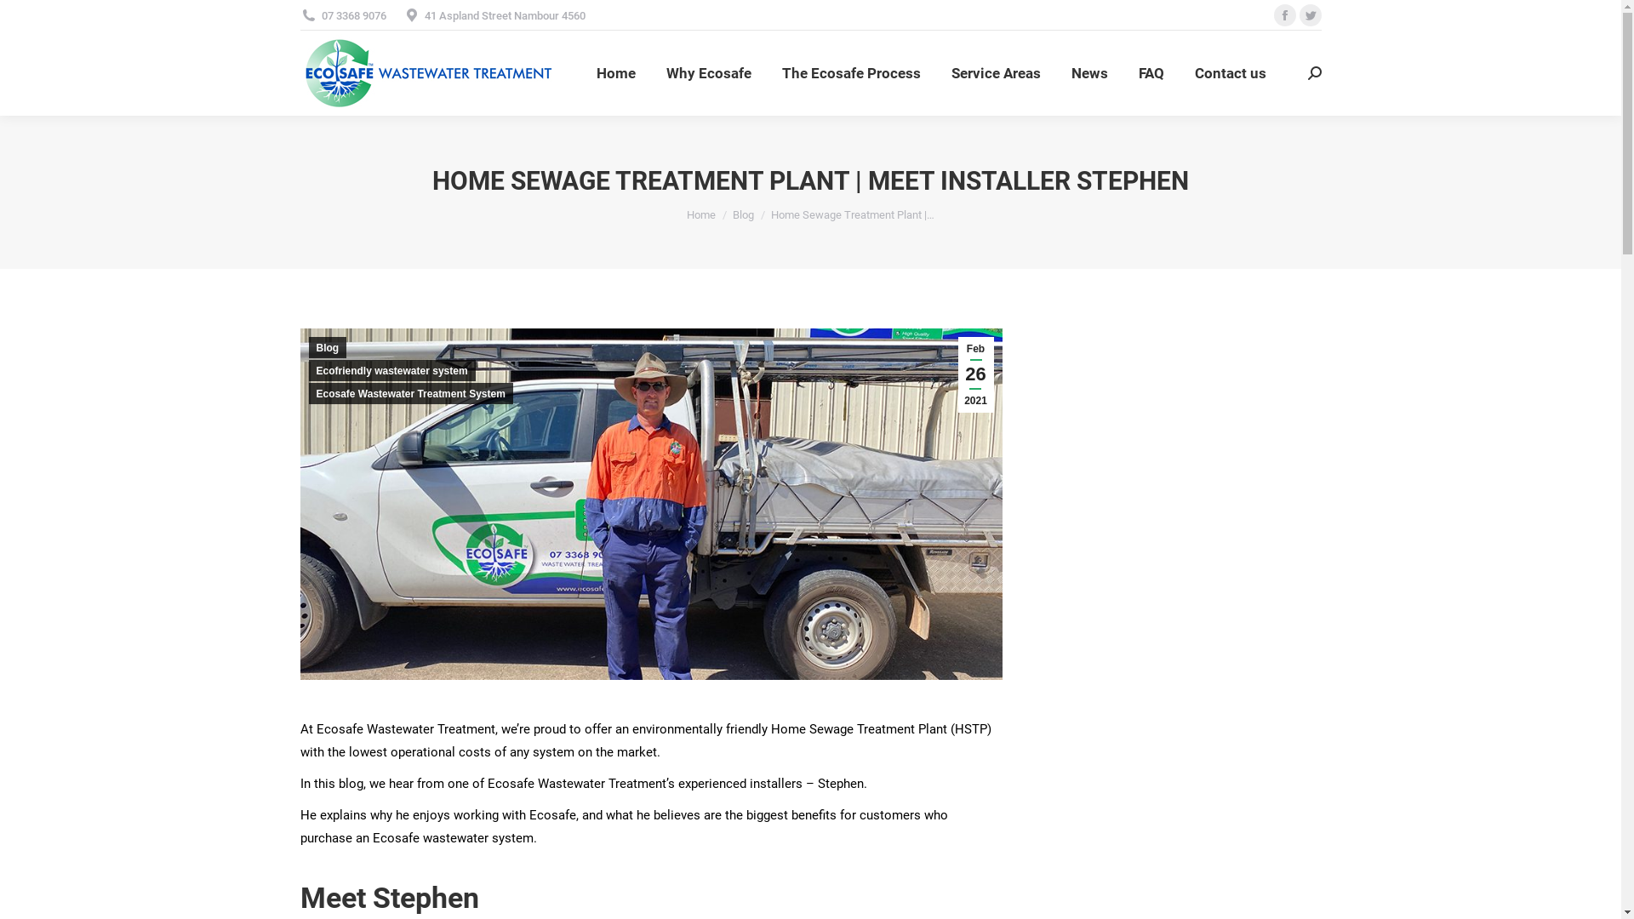  Describe the element at coordinates (341, 14) in the screenshot. I see `'07 3368 9076'` at that location.